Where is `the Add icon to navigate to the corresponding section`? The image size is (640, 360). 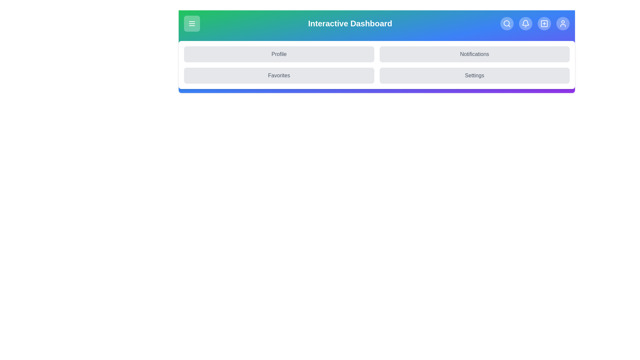 the Add icon to navigate to the corresponding section is located at coordinates (544, 23).